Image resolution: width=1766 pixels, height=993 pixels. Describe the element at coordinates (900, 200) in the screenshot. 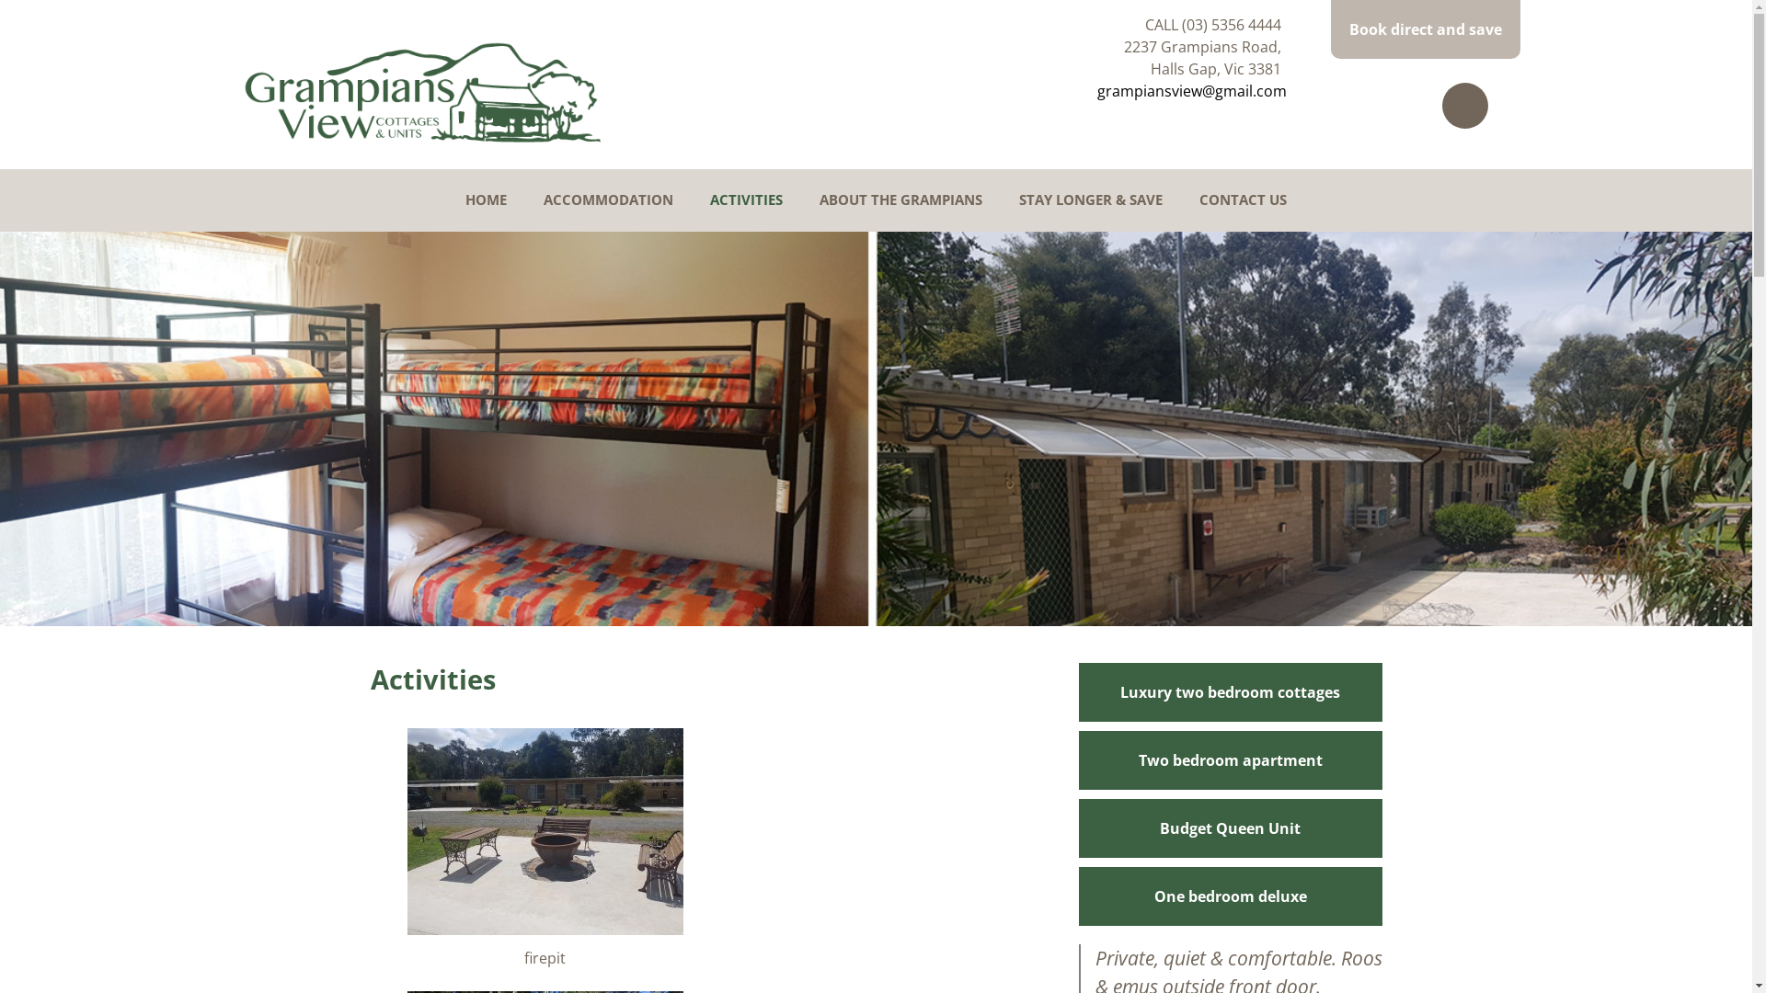

I see `'ABOUT THE GRAMPIANS'` at that location.